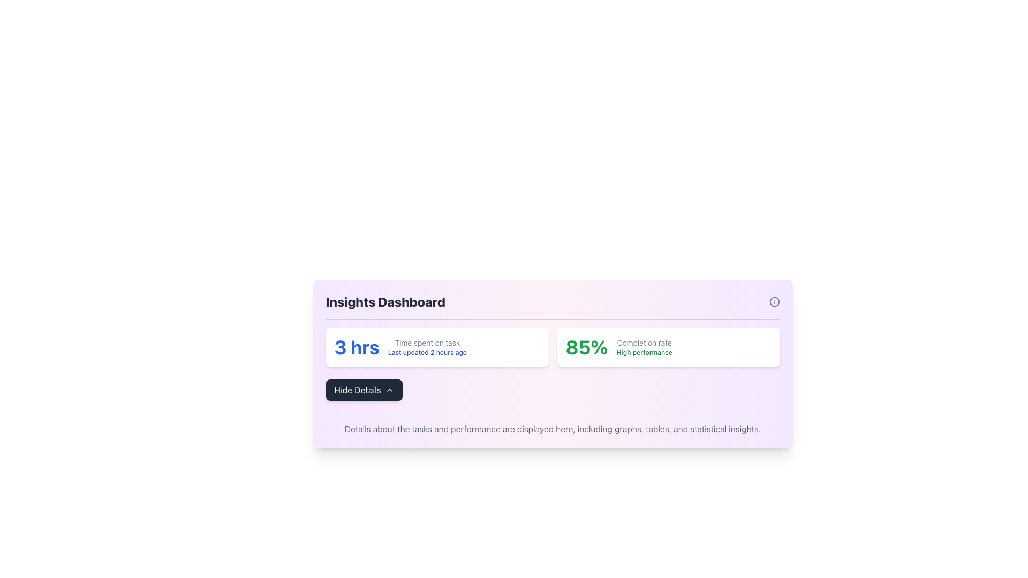  What do you see at coordinates (774, 301) in the screenshot?
I see `the informational icon located at the top-right corner of the 'Insights Dashboard'` at bounding box center [774, 301].